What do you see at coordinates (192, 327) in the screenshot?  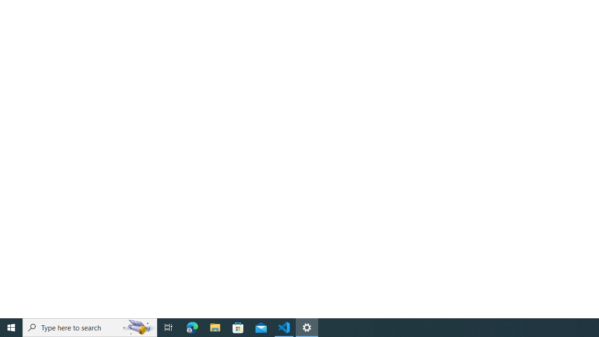 I see `'Microsoft Edge'` at bounding box center [192, 327].